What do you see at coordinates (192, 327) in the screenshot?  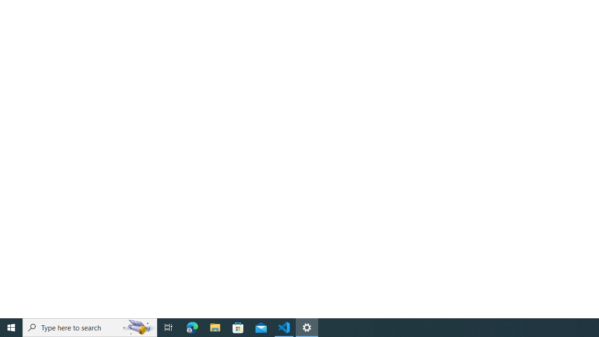 I see `'Microsoft Edge'` at bounding box center [192, 327].